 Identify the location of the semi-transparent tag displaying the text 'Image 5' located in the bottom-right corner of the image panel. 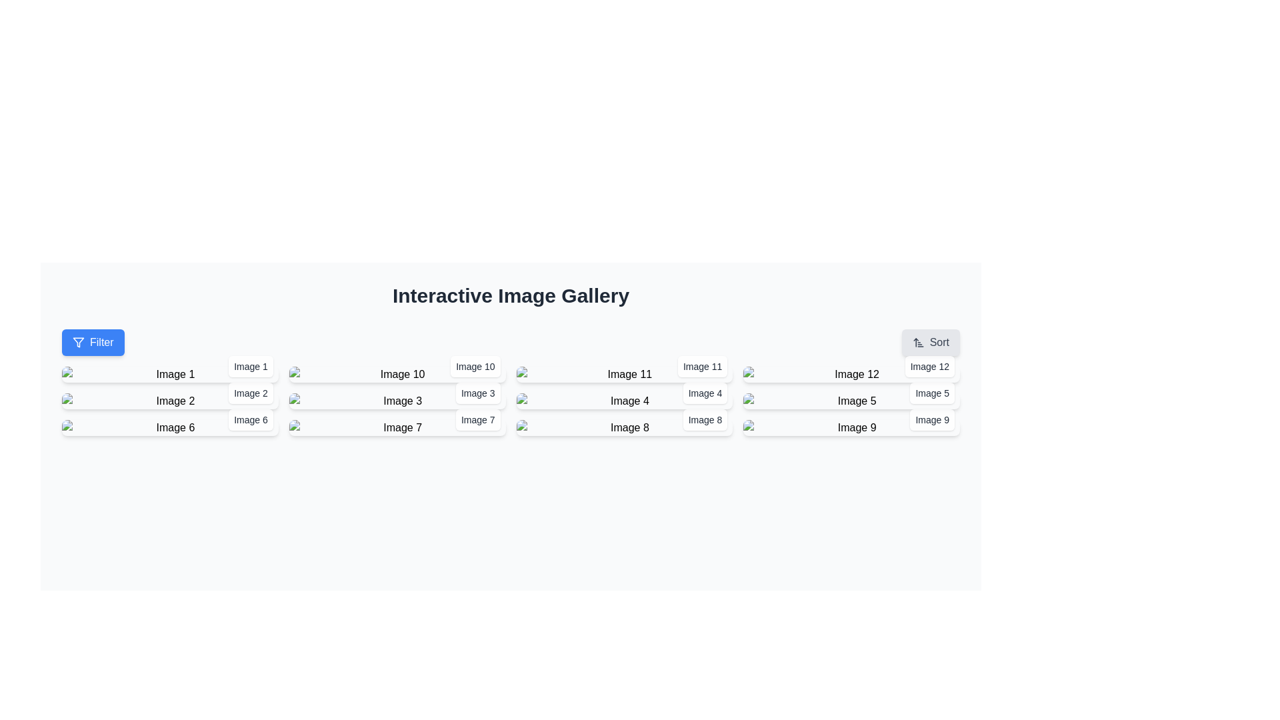
(931, 393).